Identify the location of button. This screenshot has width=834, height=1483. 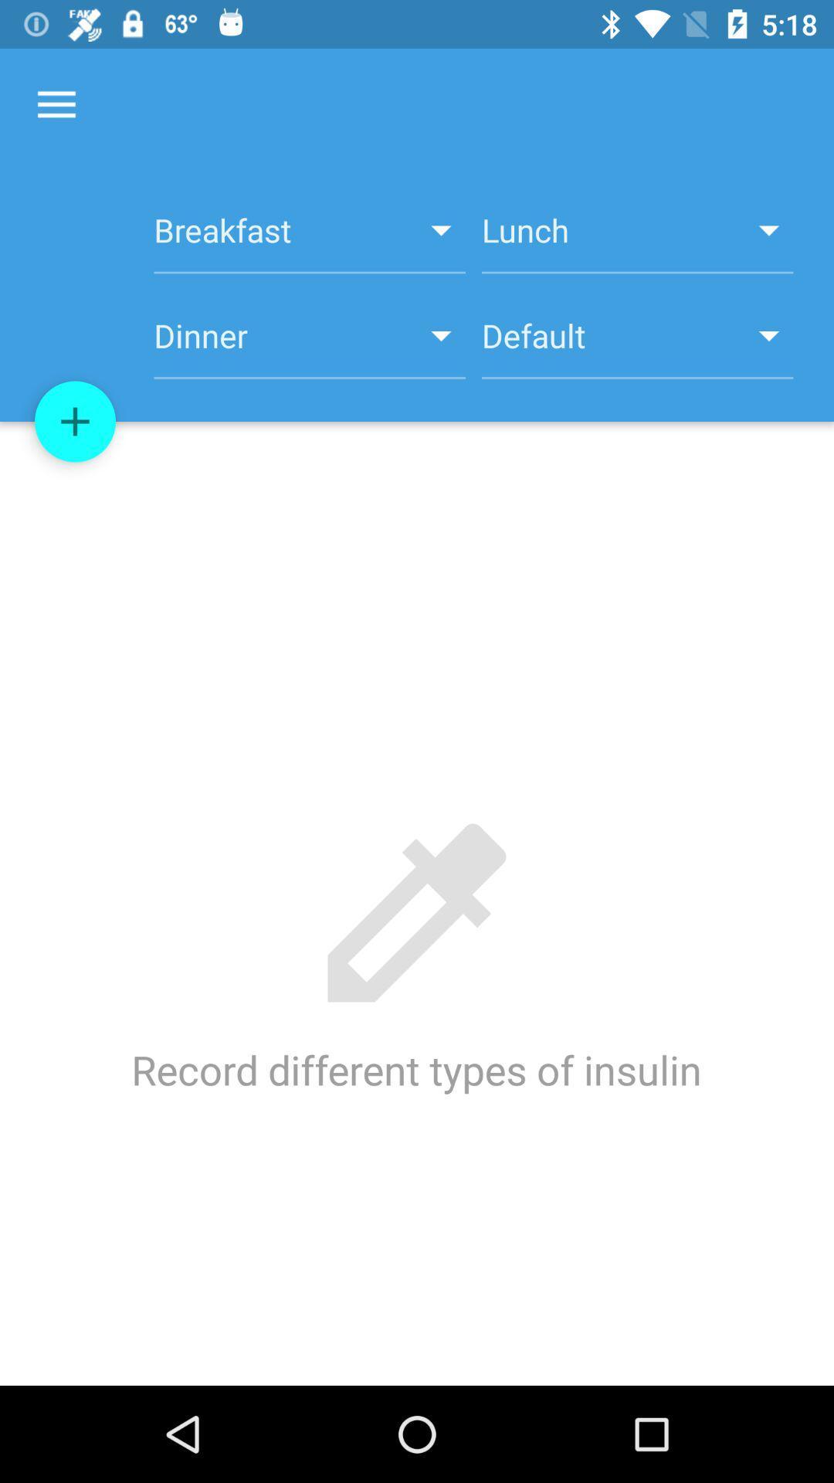
(75, 422).